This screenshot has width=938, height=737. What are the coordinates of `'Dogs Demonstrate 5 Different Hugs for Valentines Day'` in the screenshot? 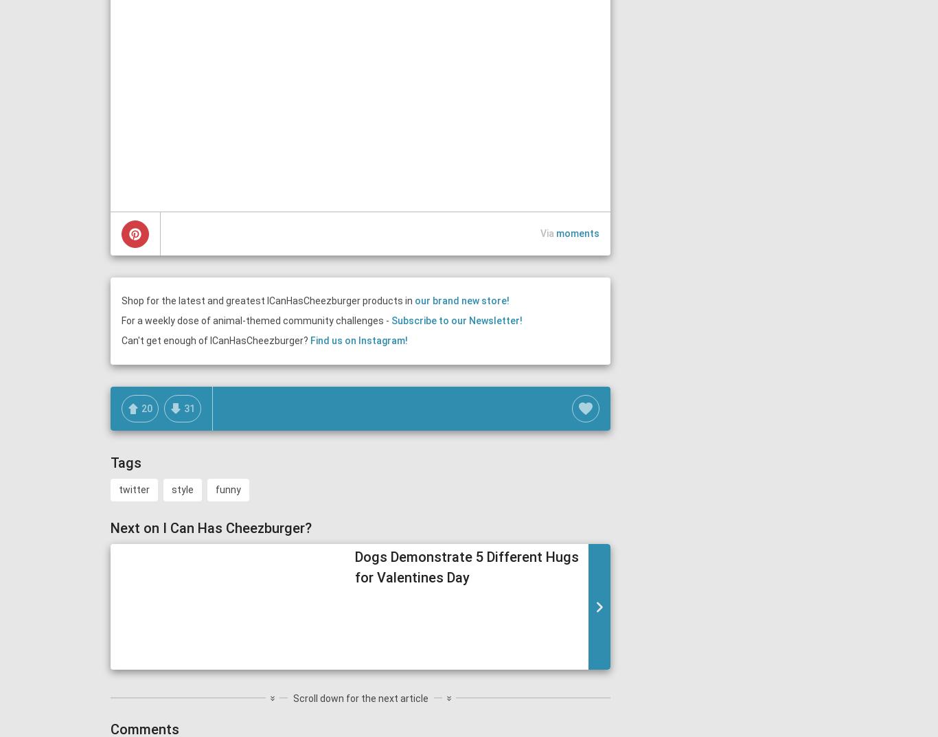 It's located at (466, 567).